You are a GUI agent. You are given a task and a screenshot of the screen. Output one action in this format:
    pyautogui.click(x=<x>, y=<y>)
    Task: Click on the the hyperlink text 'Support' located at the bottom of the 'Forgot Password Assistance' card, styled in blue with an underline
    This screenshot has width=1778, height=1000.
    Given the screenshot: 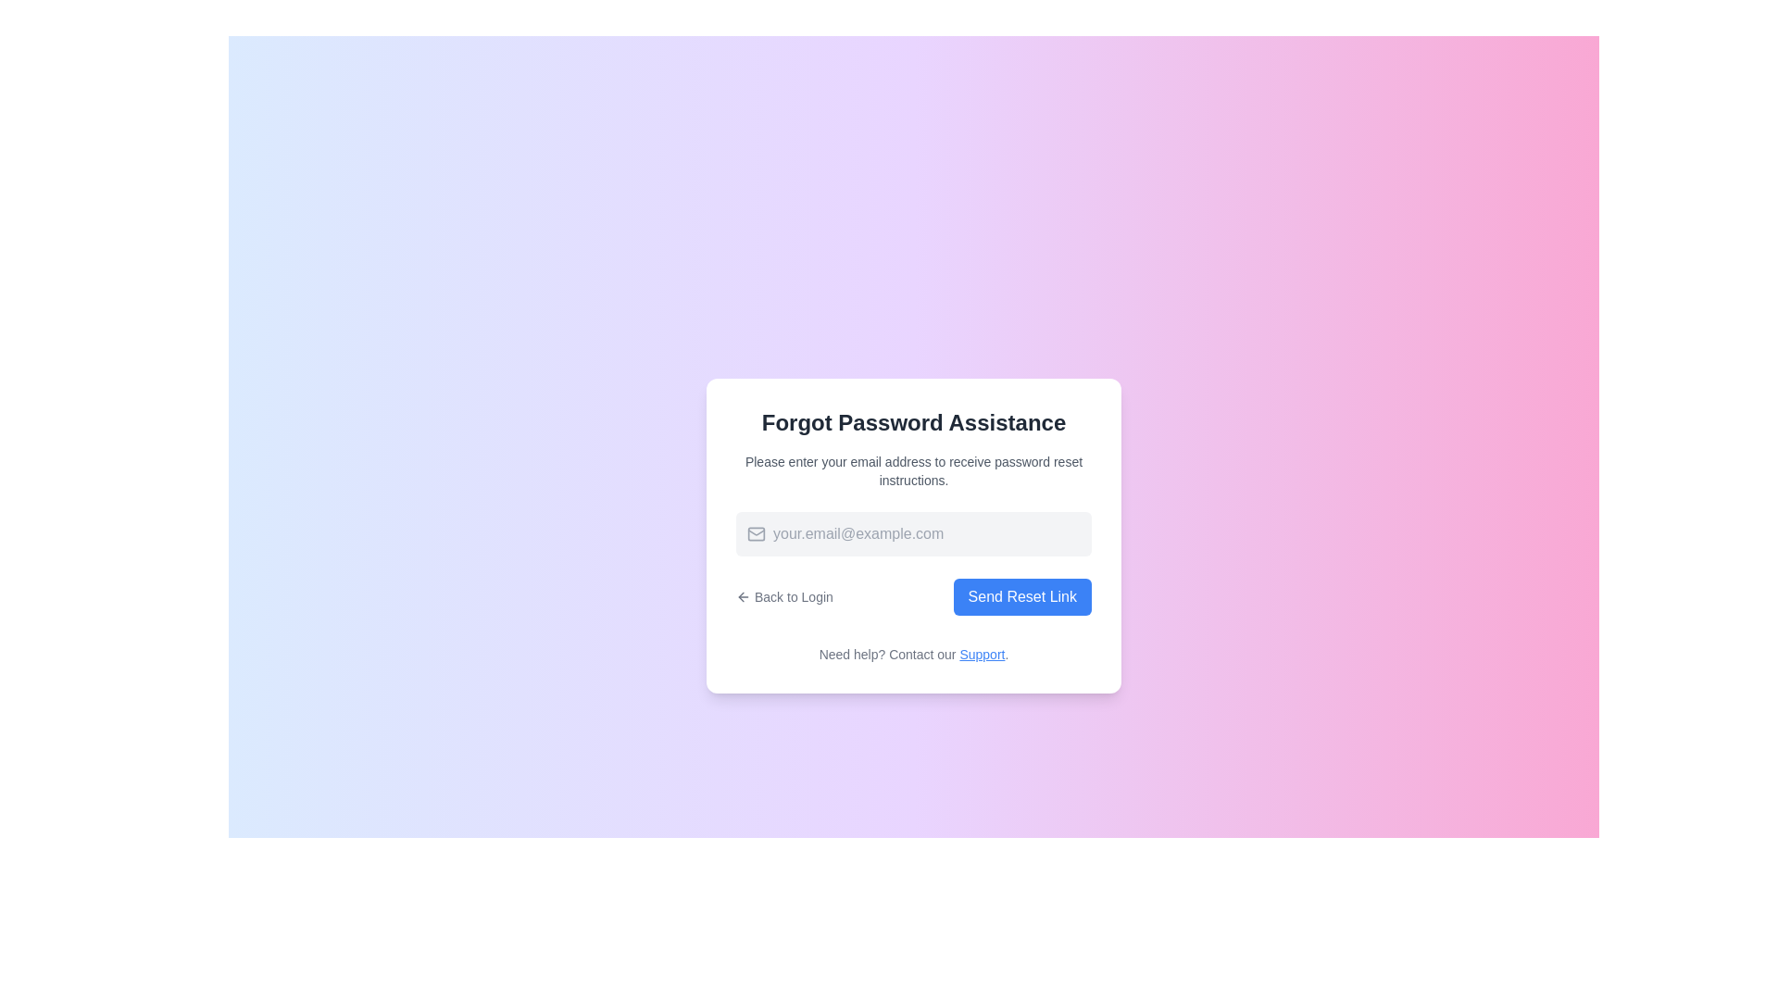 What is the action you would take?
    pyautogui.click(x=981, y=653)
    